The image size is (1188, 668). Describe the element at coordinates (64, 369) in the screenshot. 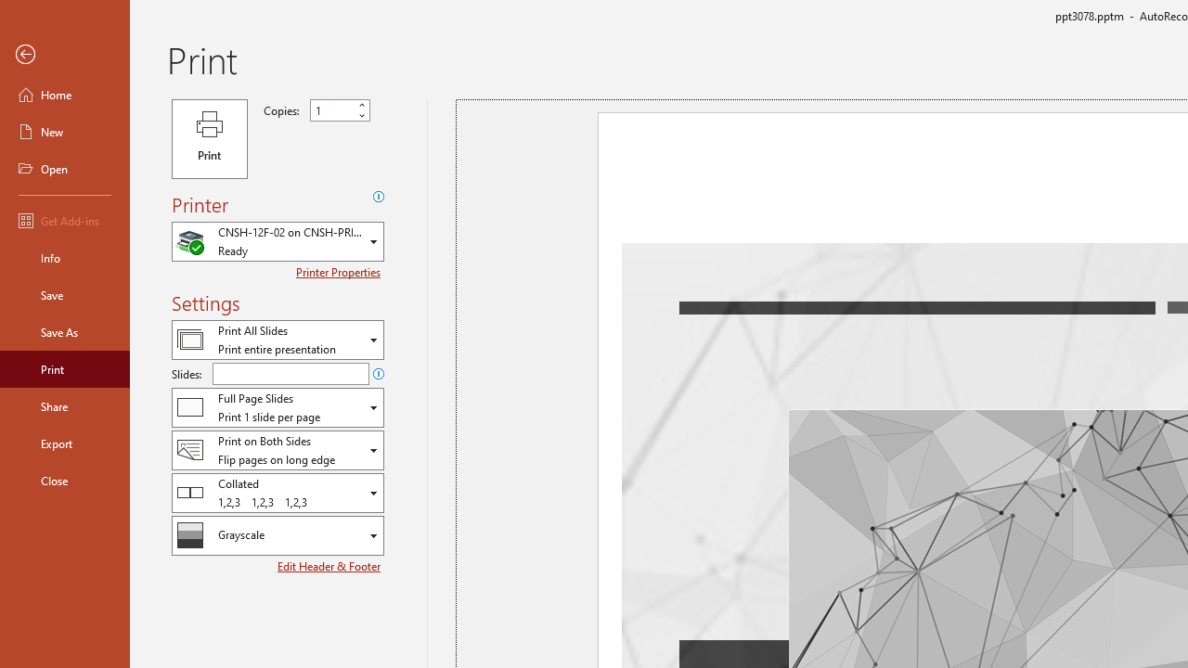

I see `'Print'` at that location.